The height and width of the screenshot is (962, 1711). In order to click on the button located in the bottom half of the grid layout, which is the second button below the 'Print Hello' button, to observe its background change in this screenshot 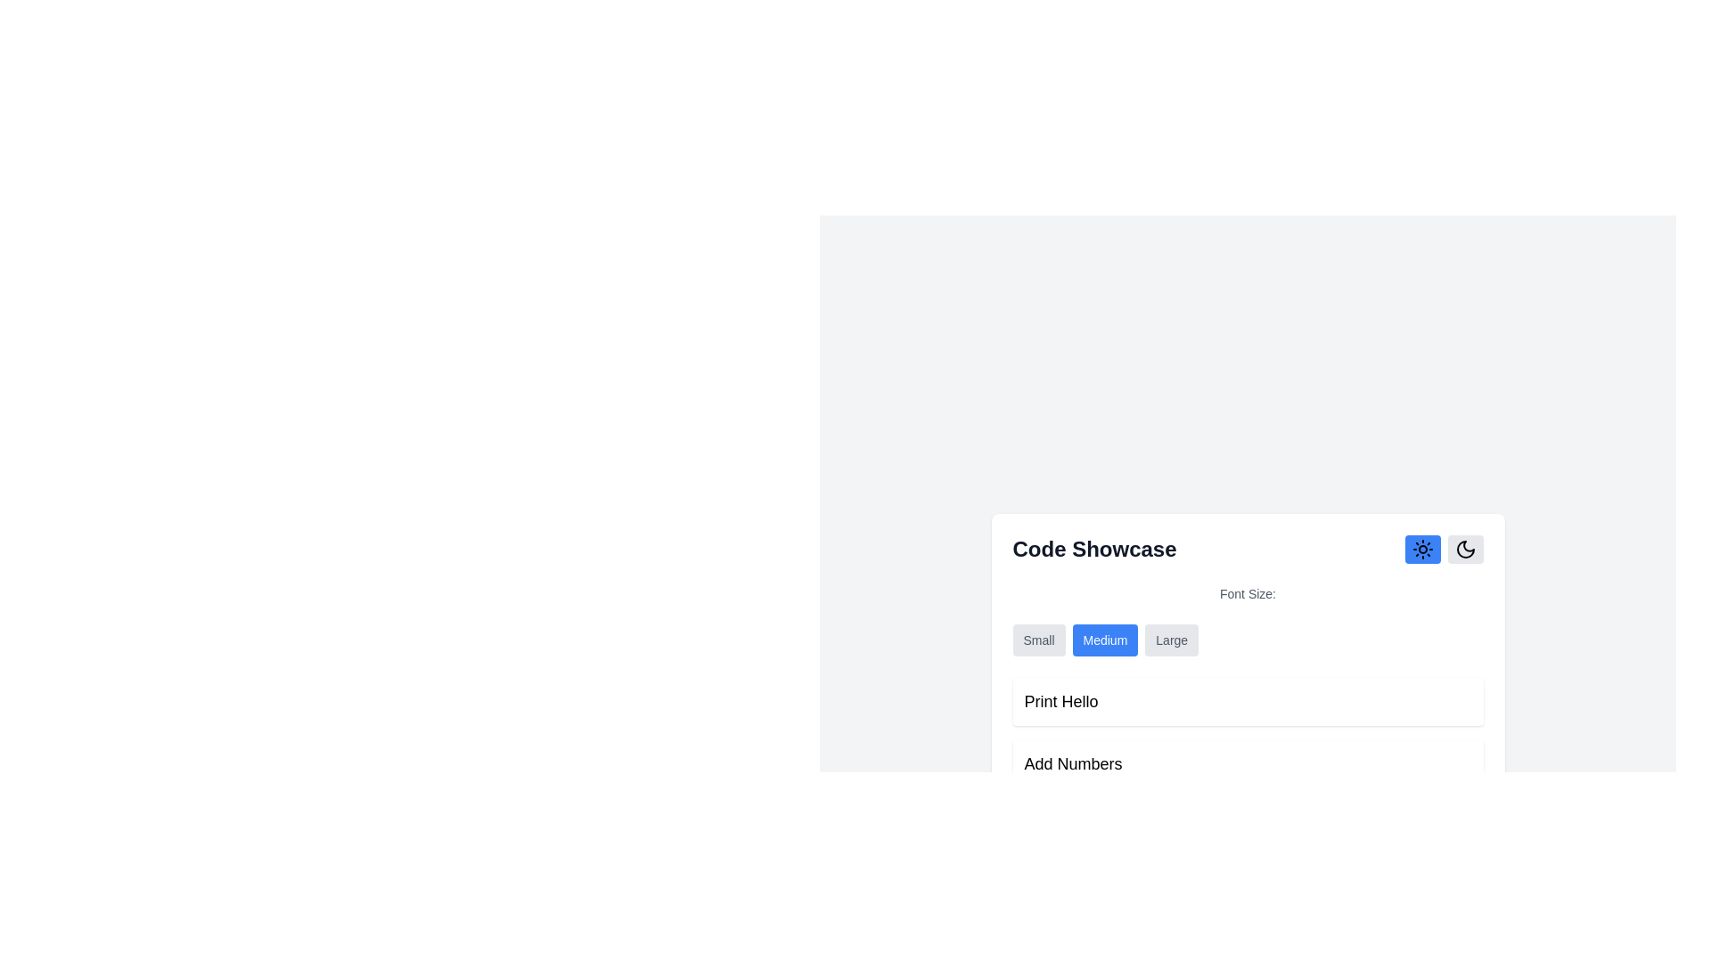, I will do `click(1247, 762)`.